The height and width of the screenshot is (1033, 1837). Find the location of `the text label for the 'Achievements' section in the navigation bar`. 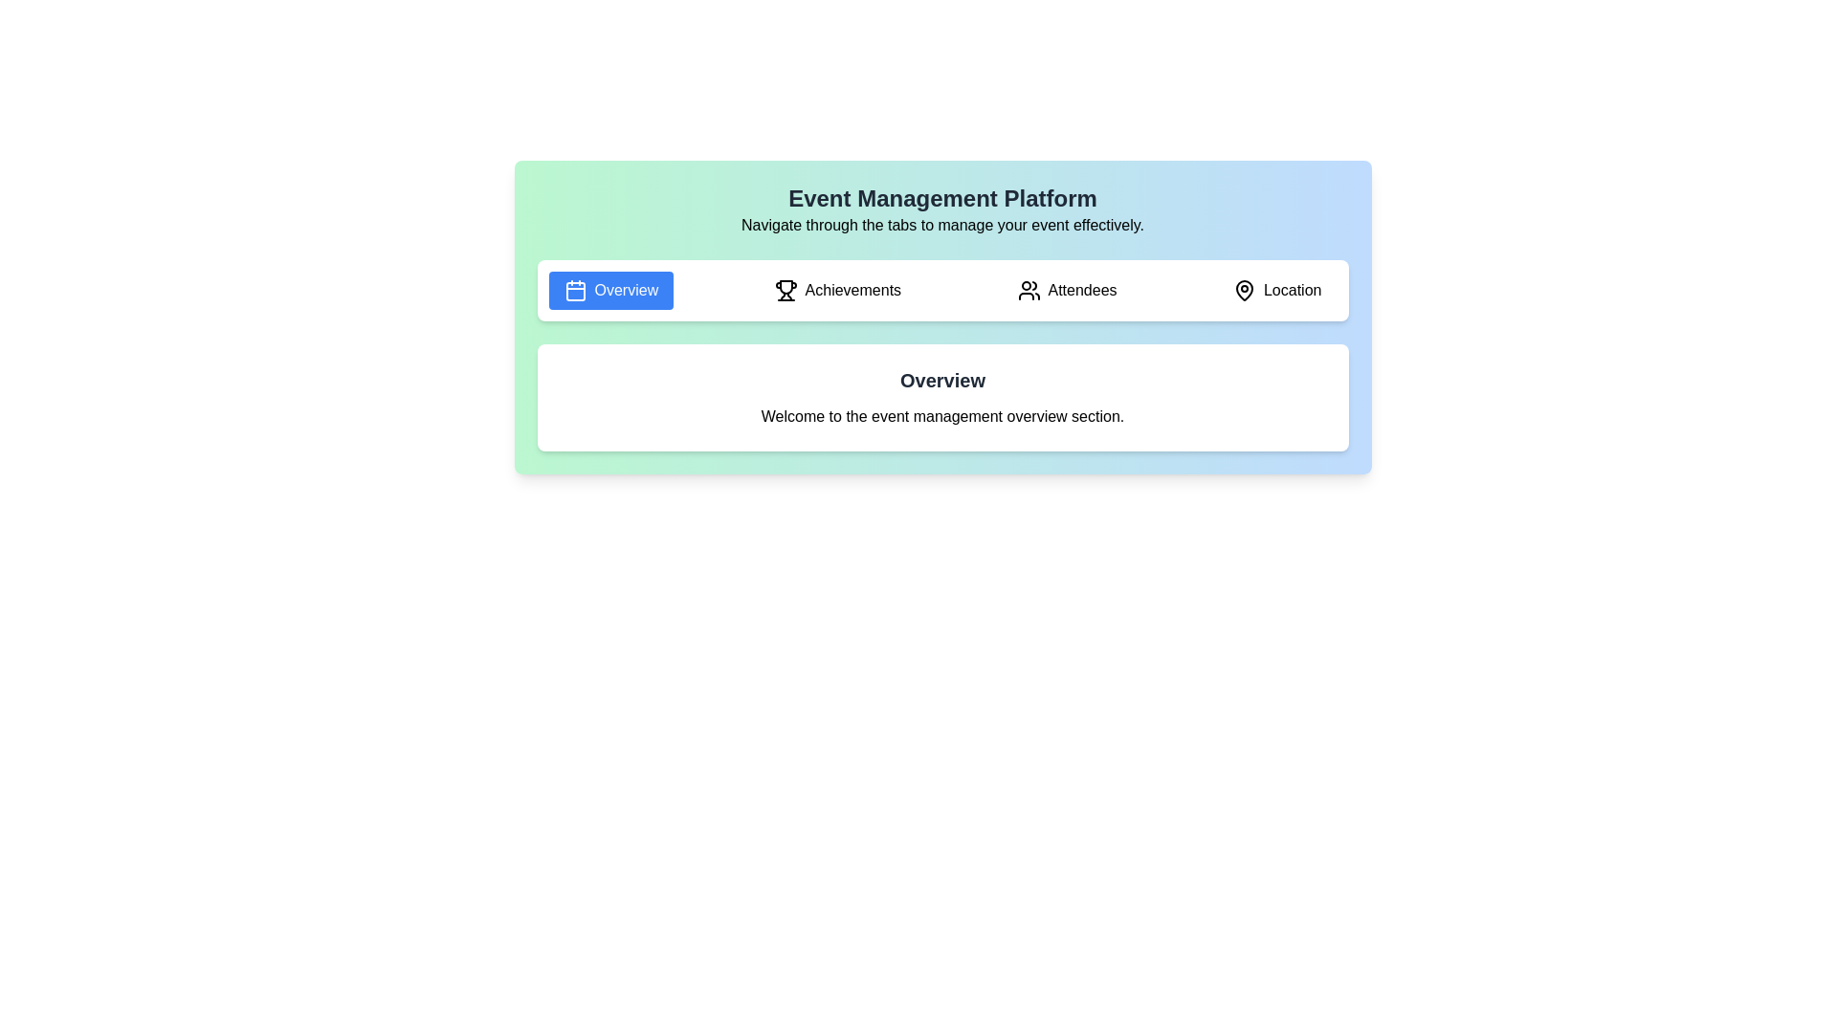

the text label for the 'Achievements' section in the navigation bar is located at coordinates (852, 291).